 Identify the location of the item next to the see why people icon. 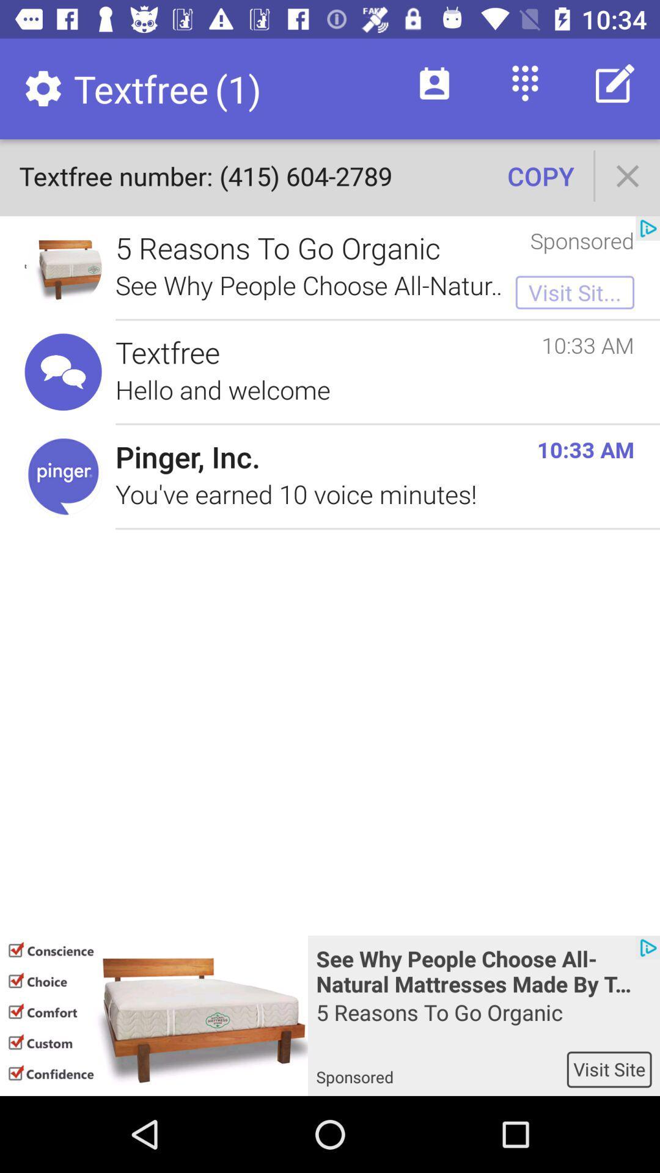
(153, 1015).